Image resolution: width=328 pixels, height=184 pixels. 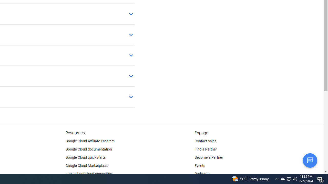 I want to click on 'Google Cloud Affiliate Program', so click(x=90, y=141).